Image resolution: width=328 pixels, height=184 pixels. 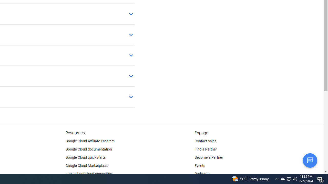 I want to click on 'Google Cloud Affiliate Program', so click(x=90, y=141).